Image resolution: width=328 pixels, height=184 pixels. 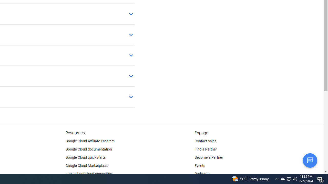 I want to click on 'Google Cloud Affiliate Program', so click(x=90, y=141).